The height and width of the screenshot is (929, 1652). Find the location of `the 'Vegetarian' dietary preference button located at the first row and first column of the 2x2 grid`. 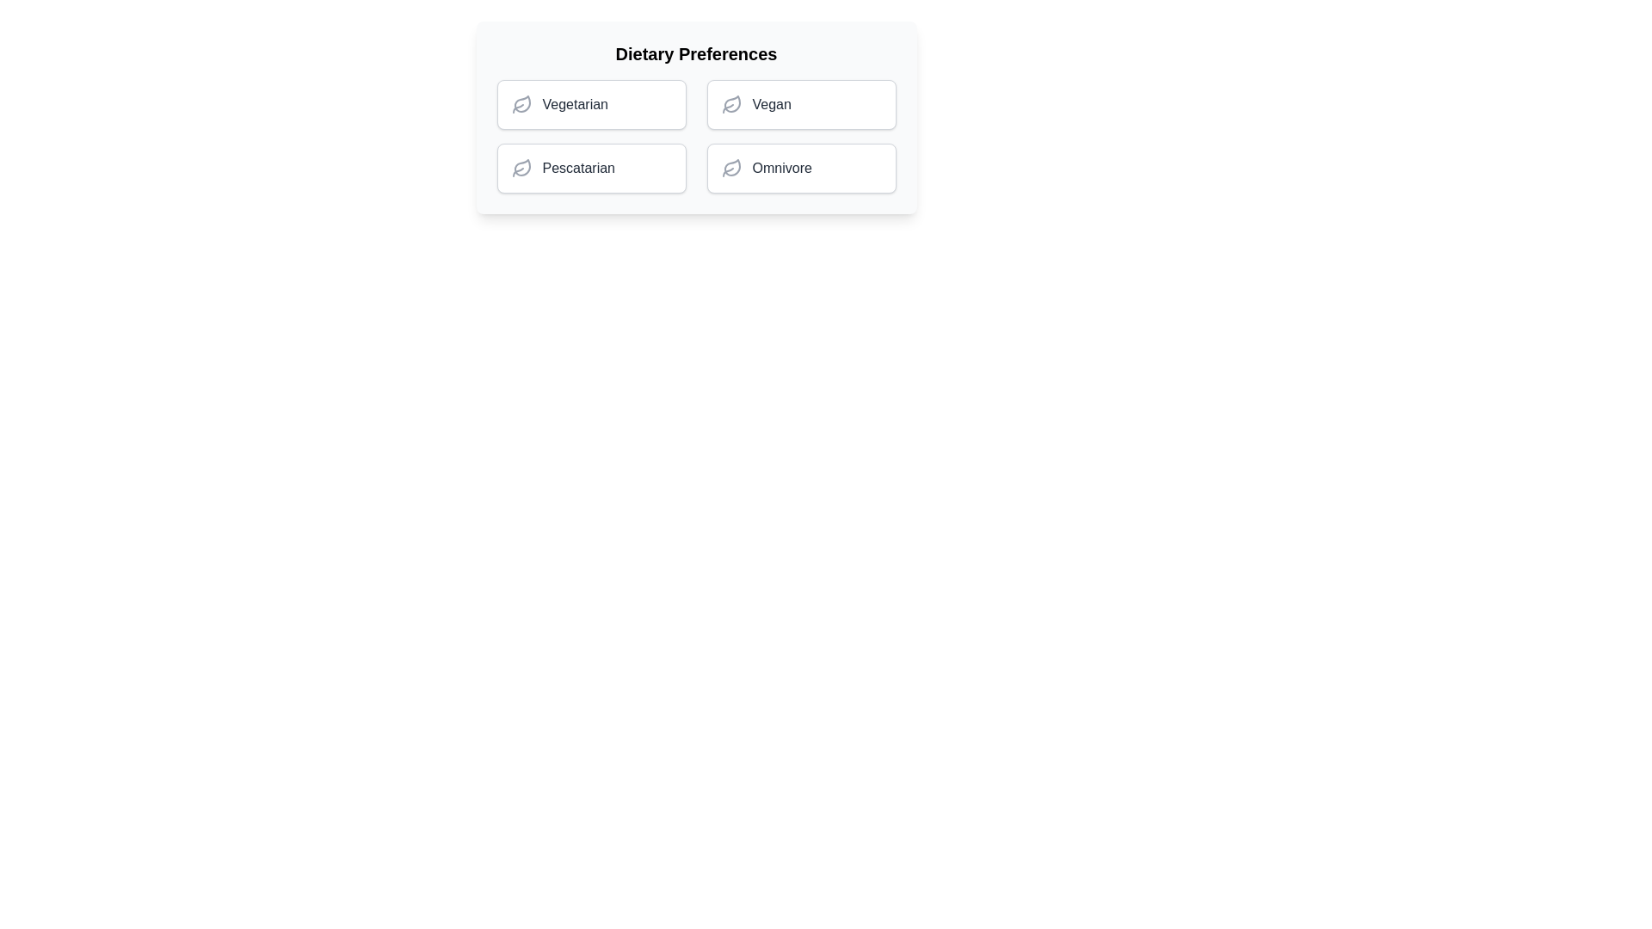

the 'Vegetarian' dietary preference button located at the first row and first column of the 2x2 grid is located at coordinates (591, 105).